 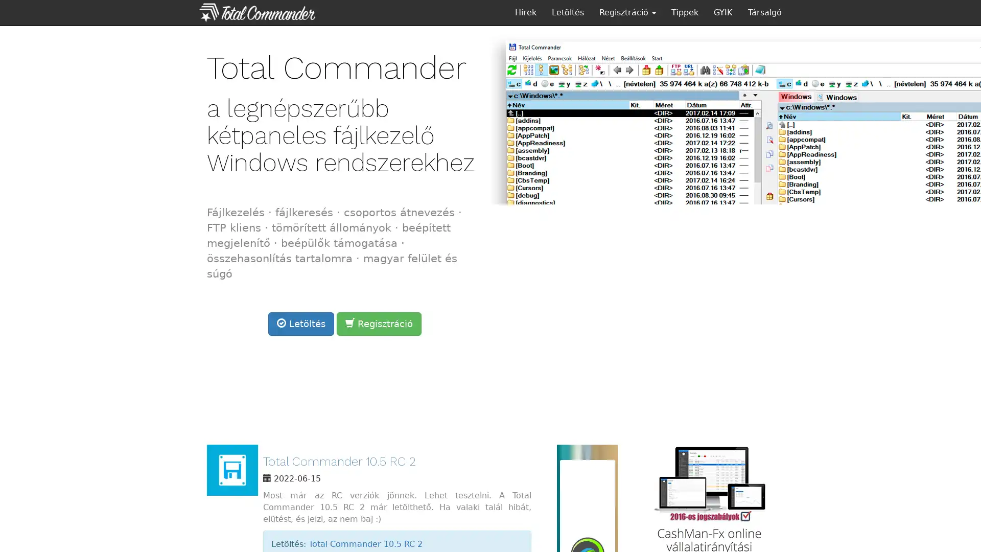 I want to click on Regisztracio, so click(x=379, y=323).